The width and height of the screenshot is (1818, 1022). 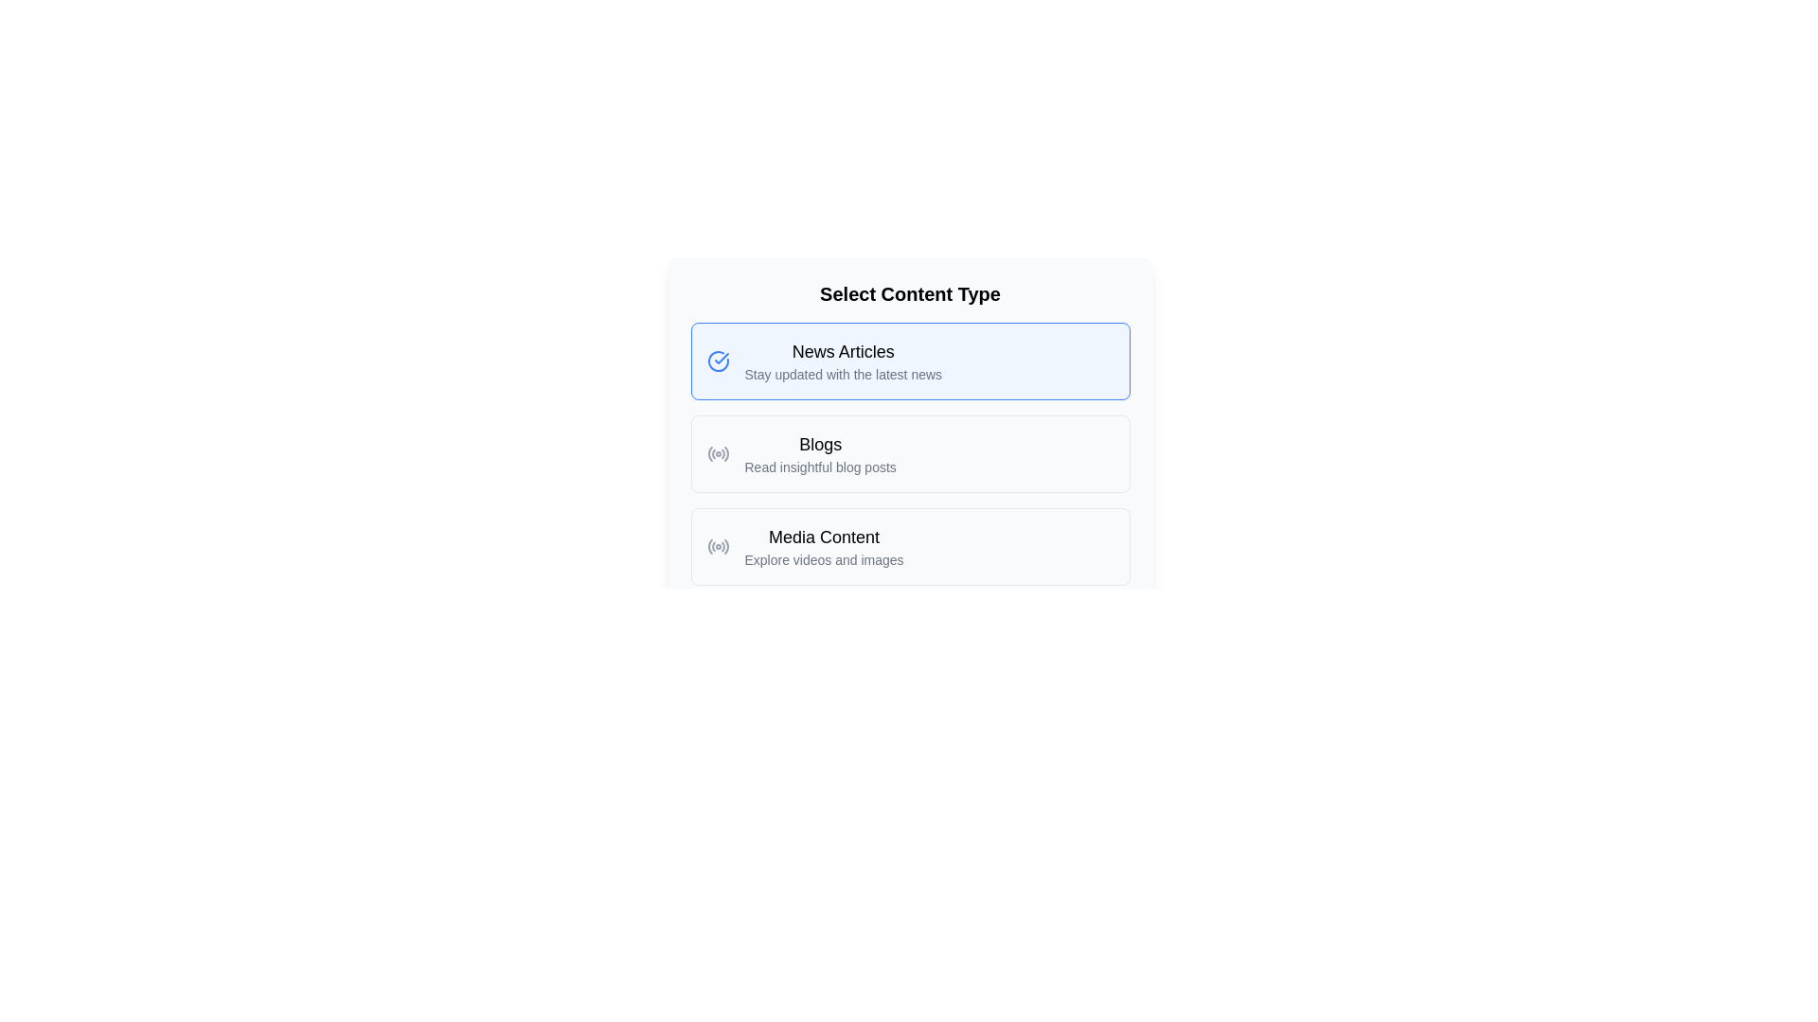 I want to click on the 'Media Content' selectable list item, so click(x=805, y=547).